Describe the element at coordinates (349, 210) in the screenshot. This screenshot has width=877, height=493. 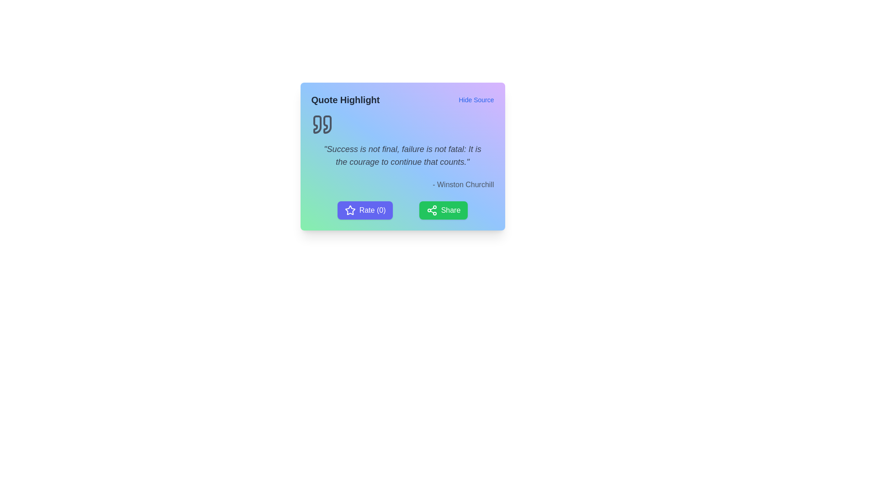
I see `the star-shaped icon with a purple fill, located to the left of the text 'Rate (0)' within the blue button at the bottom-left corner of the card` at that location.